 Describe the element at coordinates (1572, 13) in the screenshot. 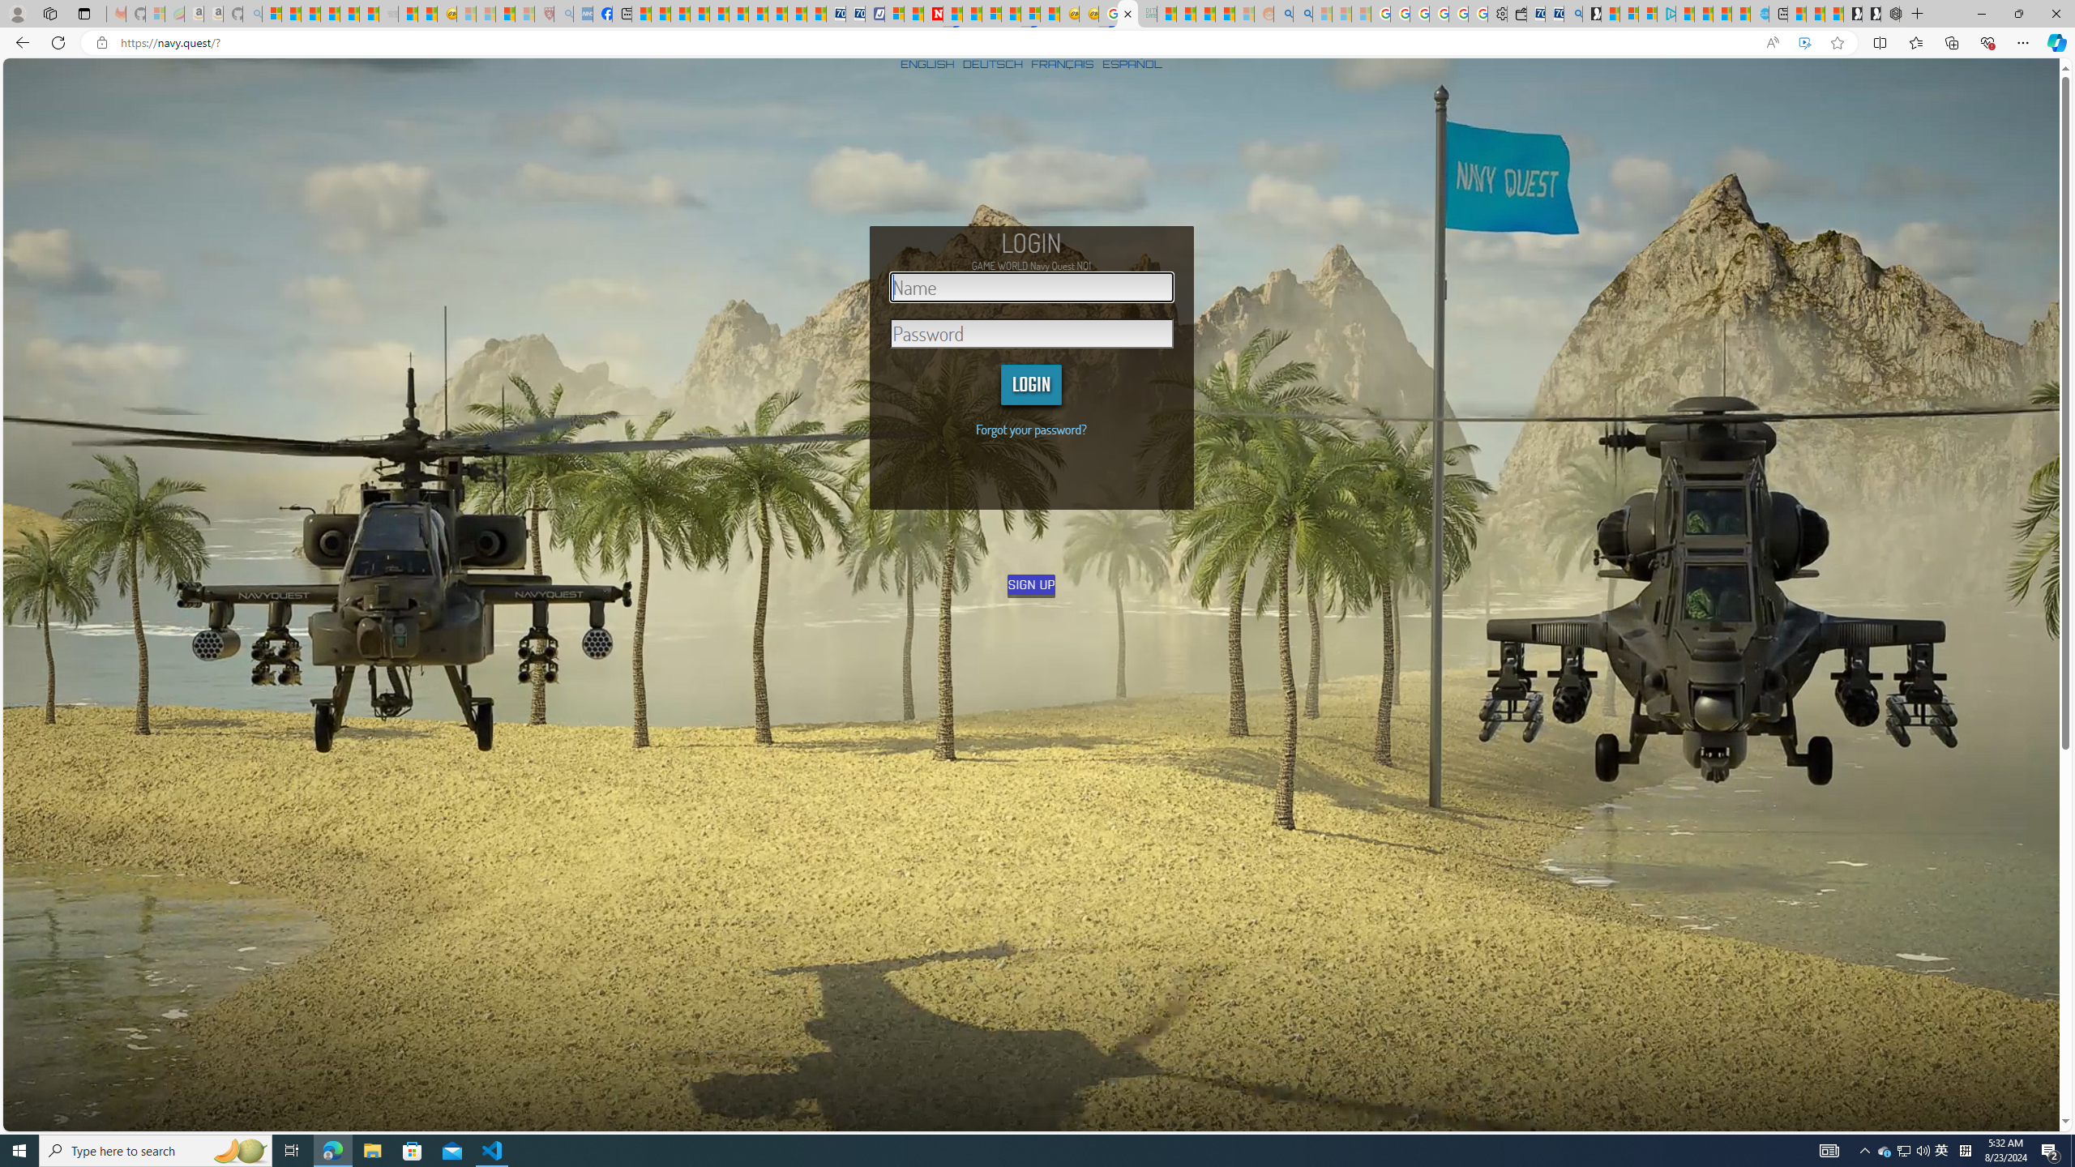

I see `'Bing Real Estate - Home sales and rental listings'` at that location.